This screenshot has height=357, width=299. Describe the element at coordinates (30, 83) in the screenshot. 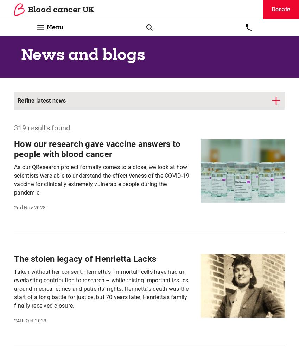

I see `'11th Aug 2023'` at that location.